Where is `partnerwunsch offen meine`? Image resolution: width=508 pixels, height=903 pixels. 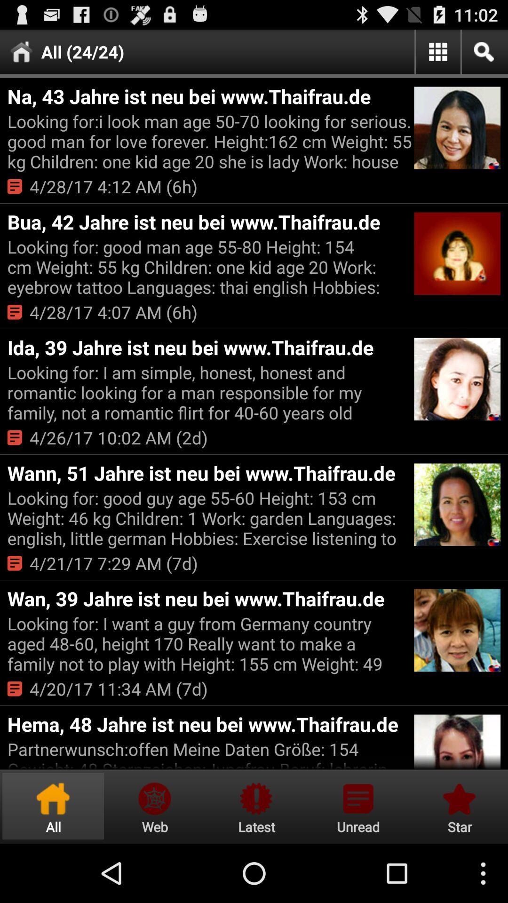
partnerwunsch offen meine is located at coordinates (209, 753).